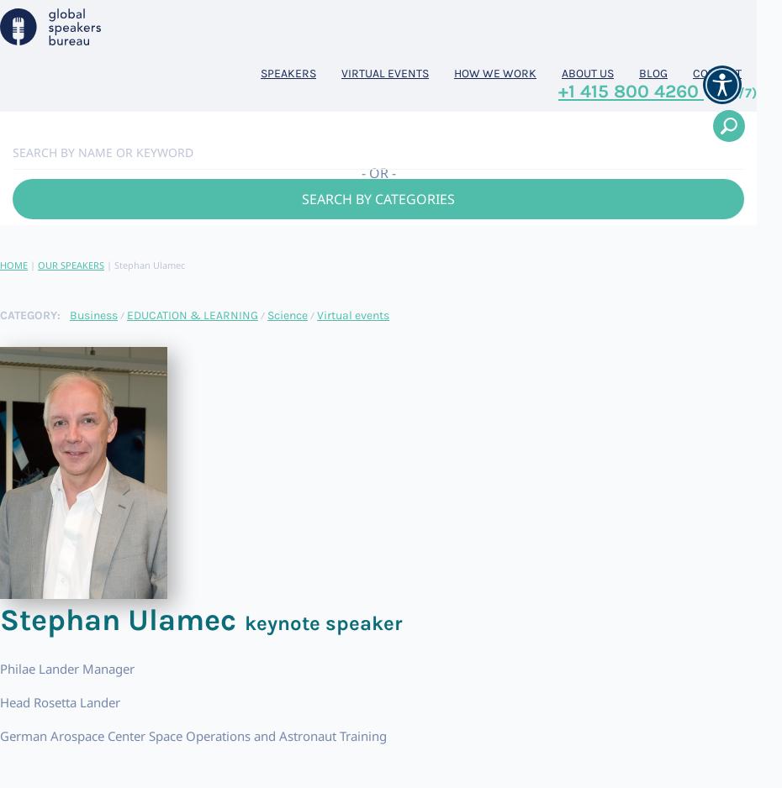 This screenshot has width=782, height=788. I want to click on 'EDUCATION & LEARNING', so click(191, 313).